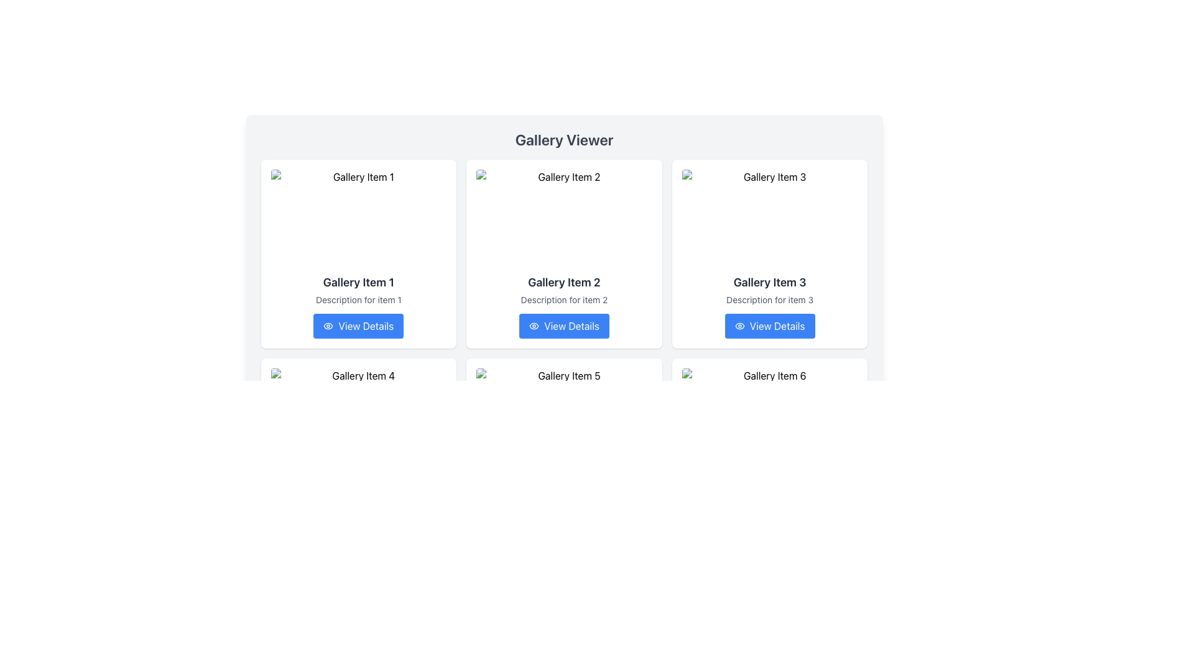 The height and width of the screenshot is (671, 1194). Describe the element at coordinates (563, 299) in the screenshot. I see `the static text providing additional descriptive information about 'Gallery Item 2', located below its title and above the 'View Details' button` at that location.